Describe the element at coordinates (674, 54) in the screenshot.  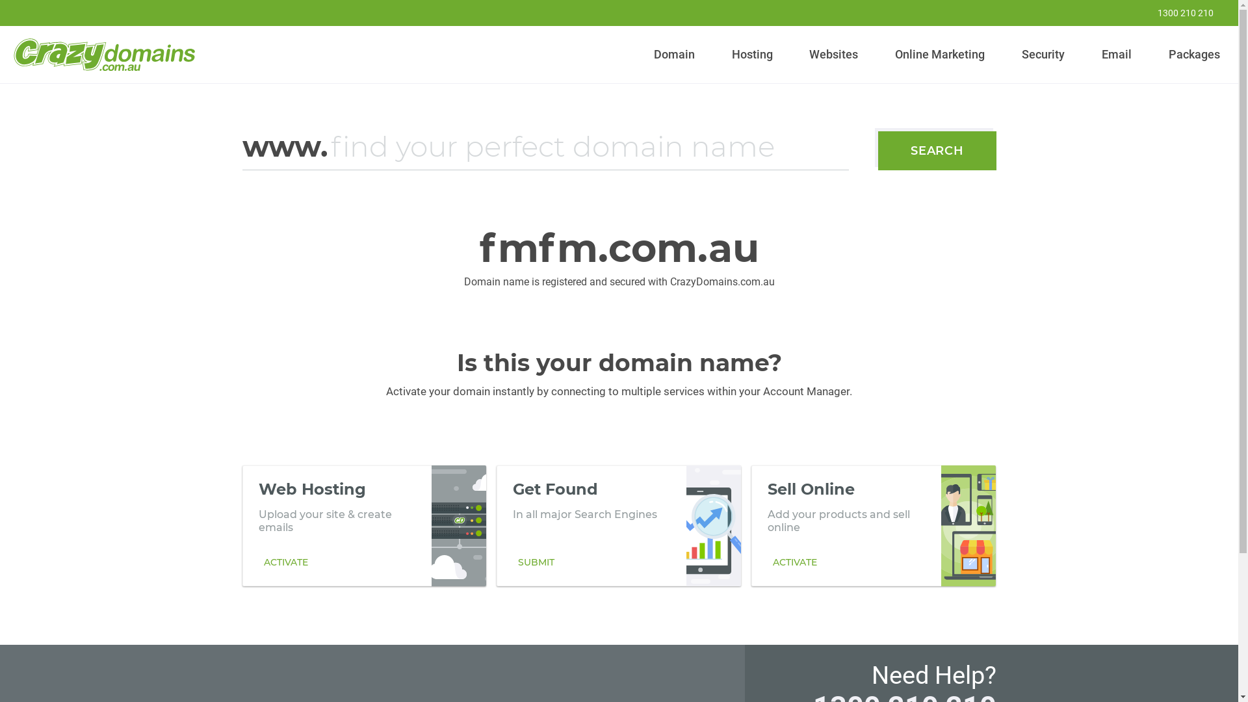
I see `'Domain'` at that location.